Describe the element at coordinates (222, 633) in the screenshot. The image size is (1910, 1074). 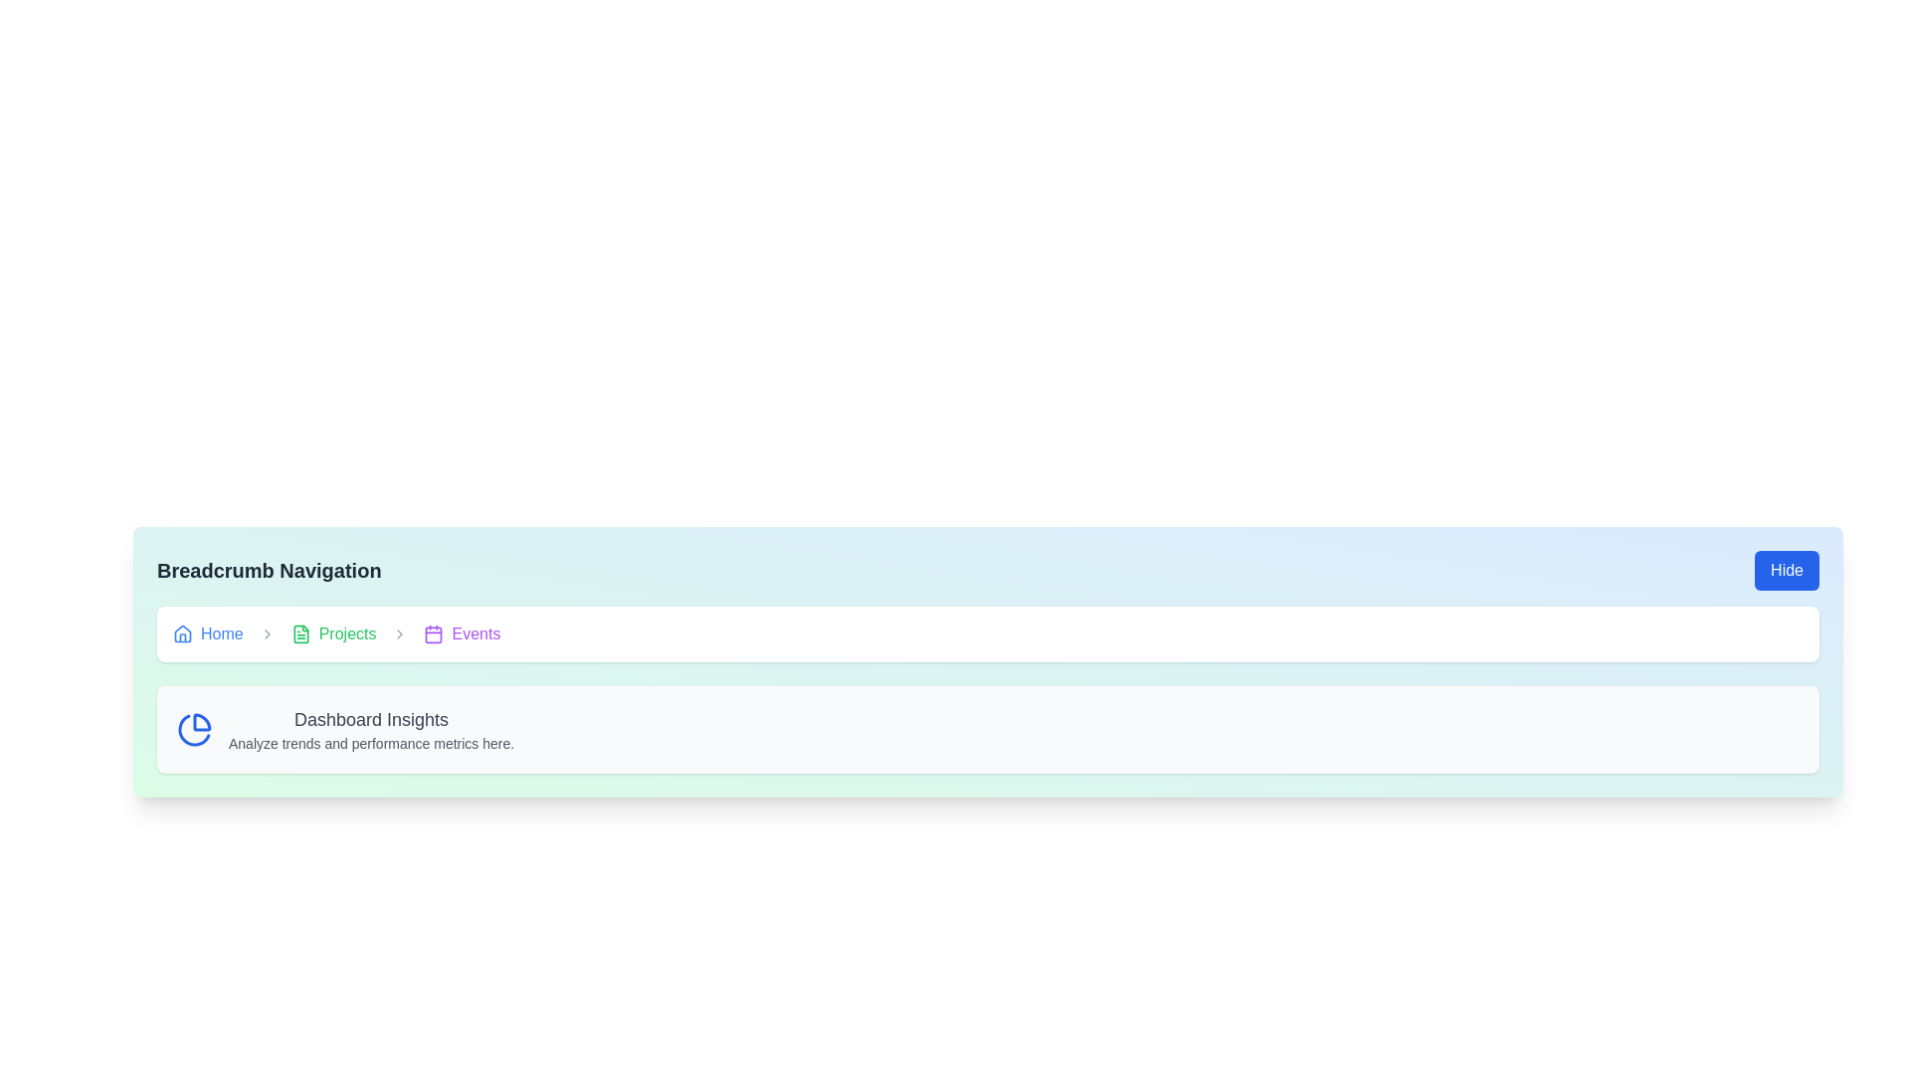
I see `the 'Home' text label, which is styled in blue and positioned adjacent to a house icon in the breadcrumb navigation bar at the top left of the interface` at that location.